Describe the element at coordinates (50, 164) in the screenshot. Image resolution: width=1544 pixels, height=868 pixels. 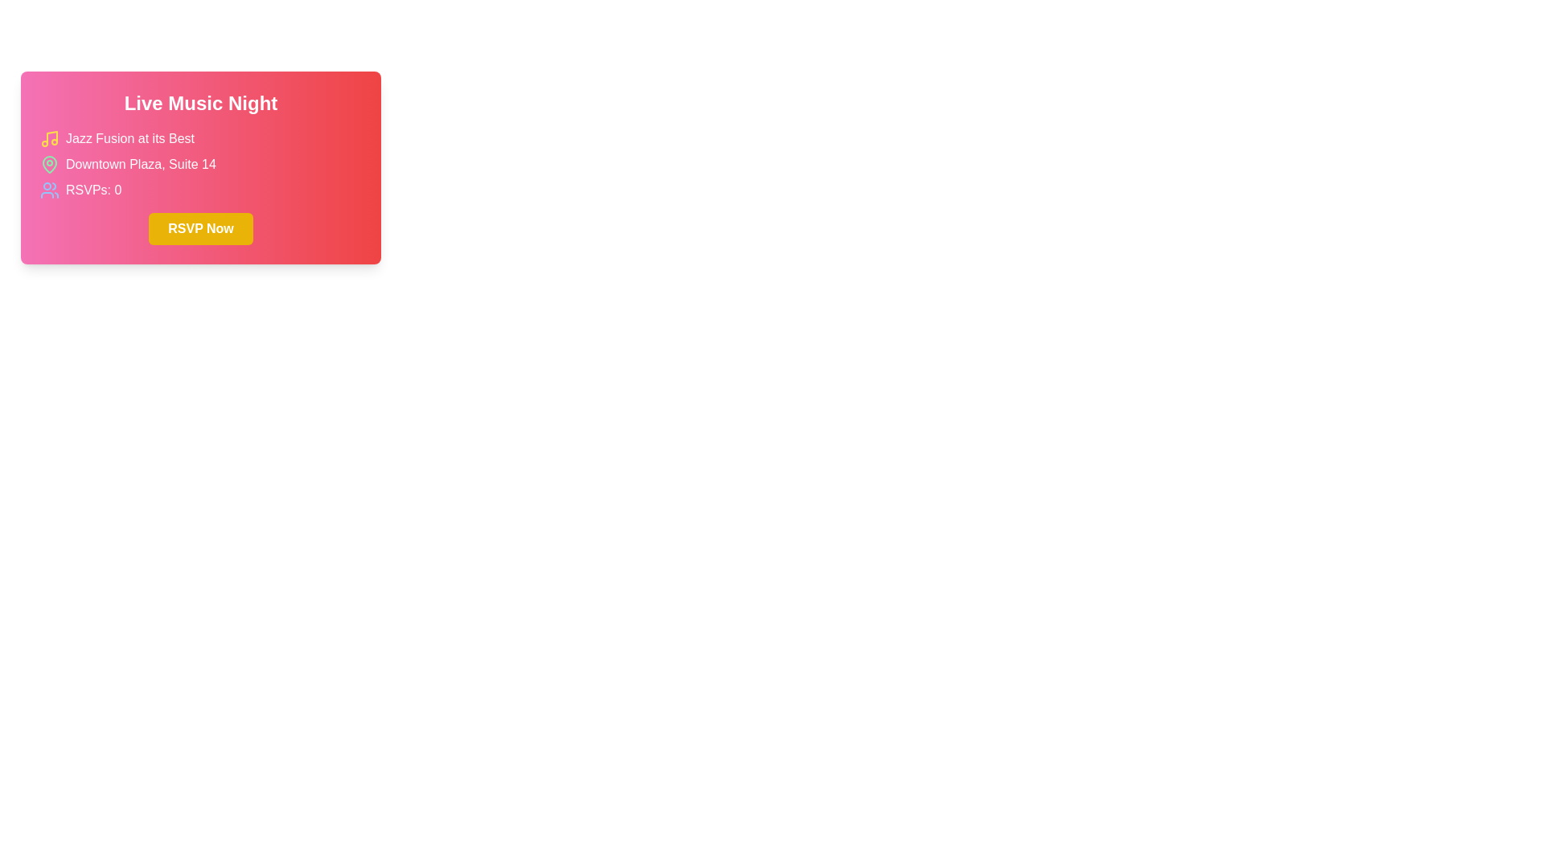
I see `the small green pin icon styled as a map location marker located to the left of the text 'Downtown Plaza, Suite 14'` at that location.